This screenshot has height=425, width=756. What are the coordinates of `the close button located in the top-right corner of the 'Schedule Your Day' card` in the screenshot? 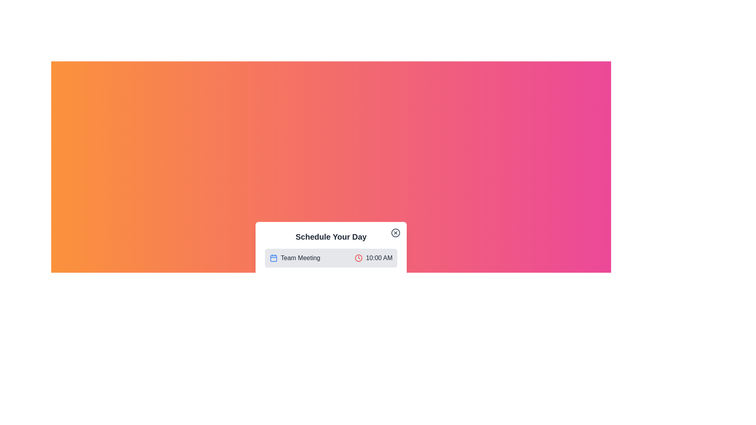 It's located at (395, 232).